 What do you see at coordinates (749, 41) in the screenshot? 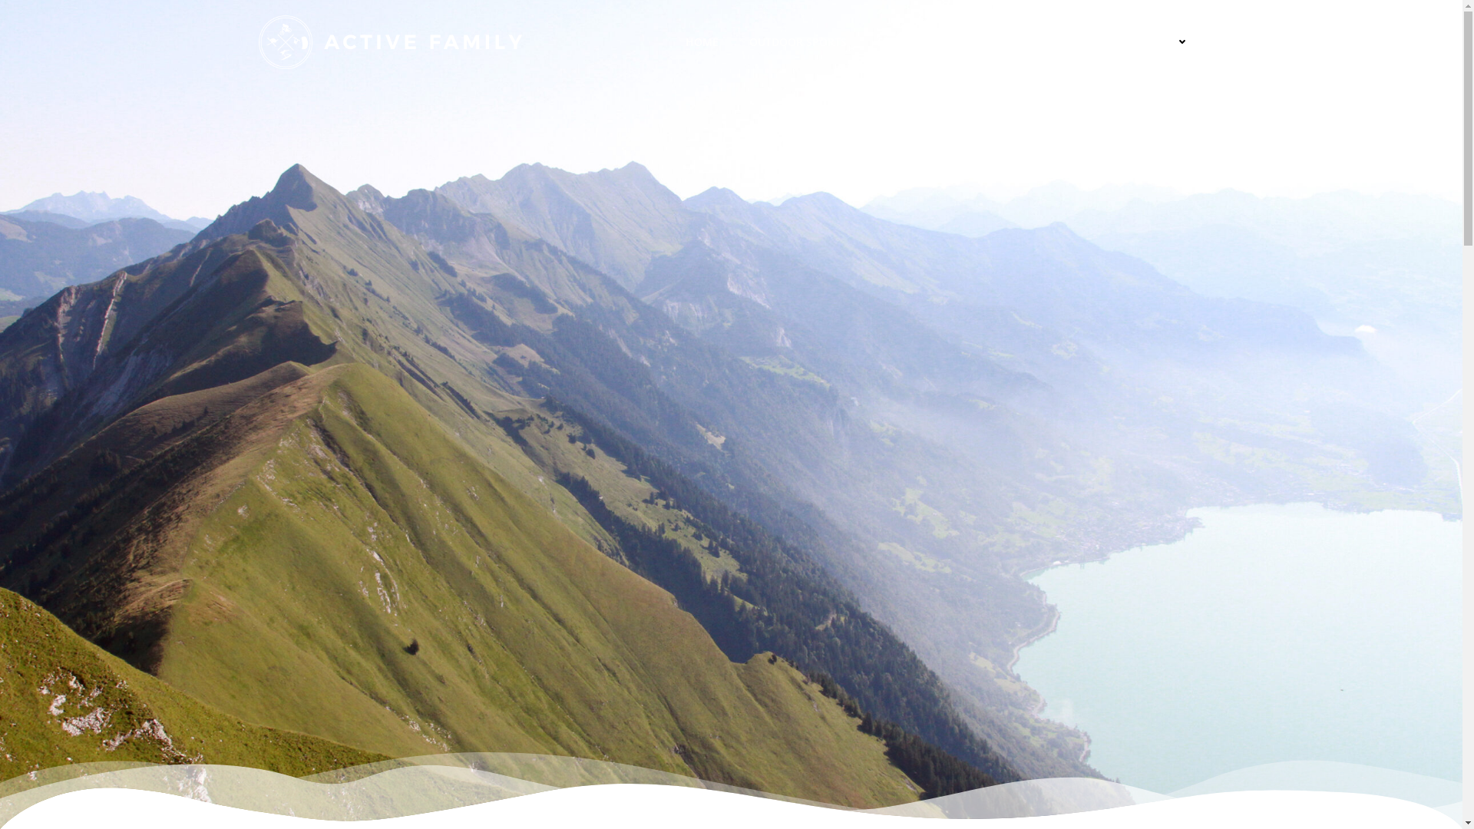
I see `'OUTDOOR SPORTS'` at bounding box center [749, 41].